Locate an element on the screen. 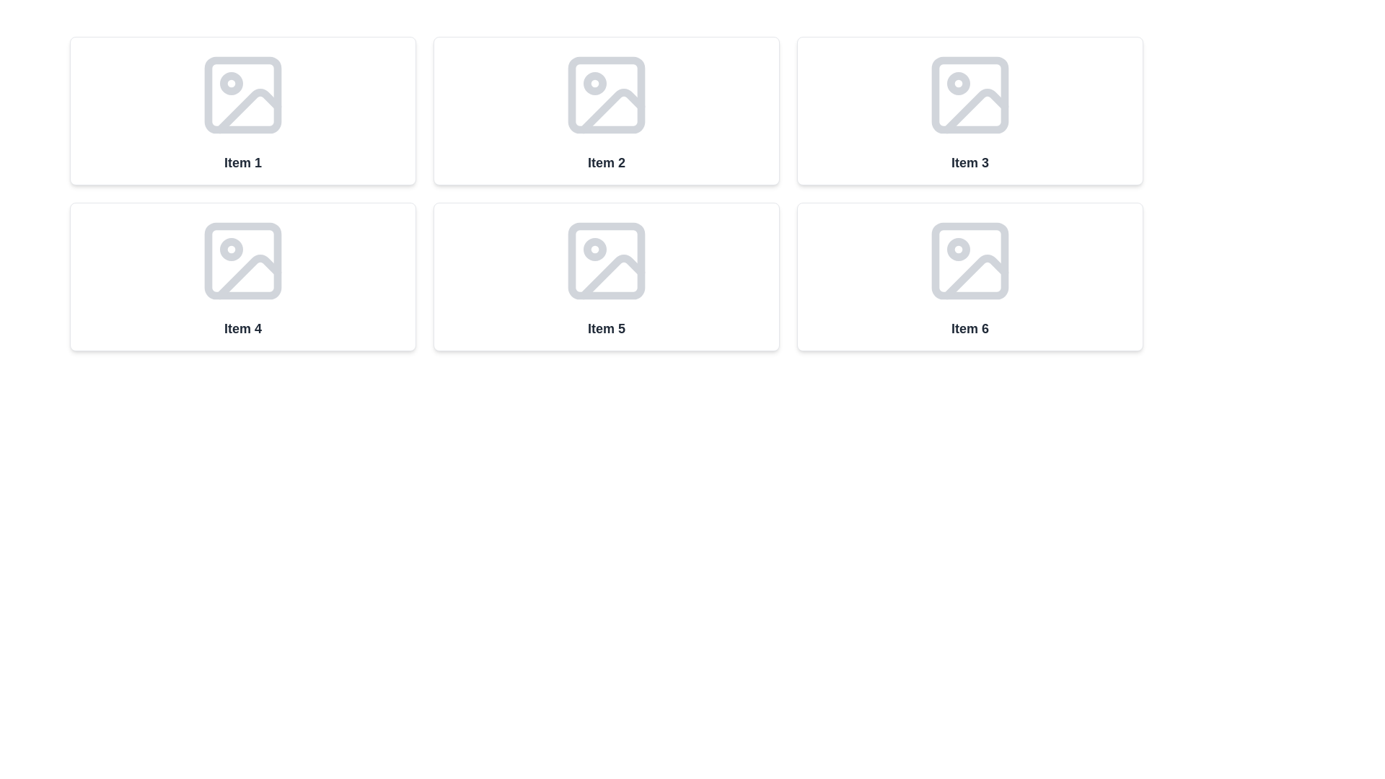  the decorative SVG rectangle located in the top-left thumbnail labeled 'Item 1' in the grid layout is located at coordinates (242, 94).